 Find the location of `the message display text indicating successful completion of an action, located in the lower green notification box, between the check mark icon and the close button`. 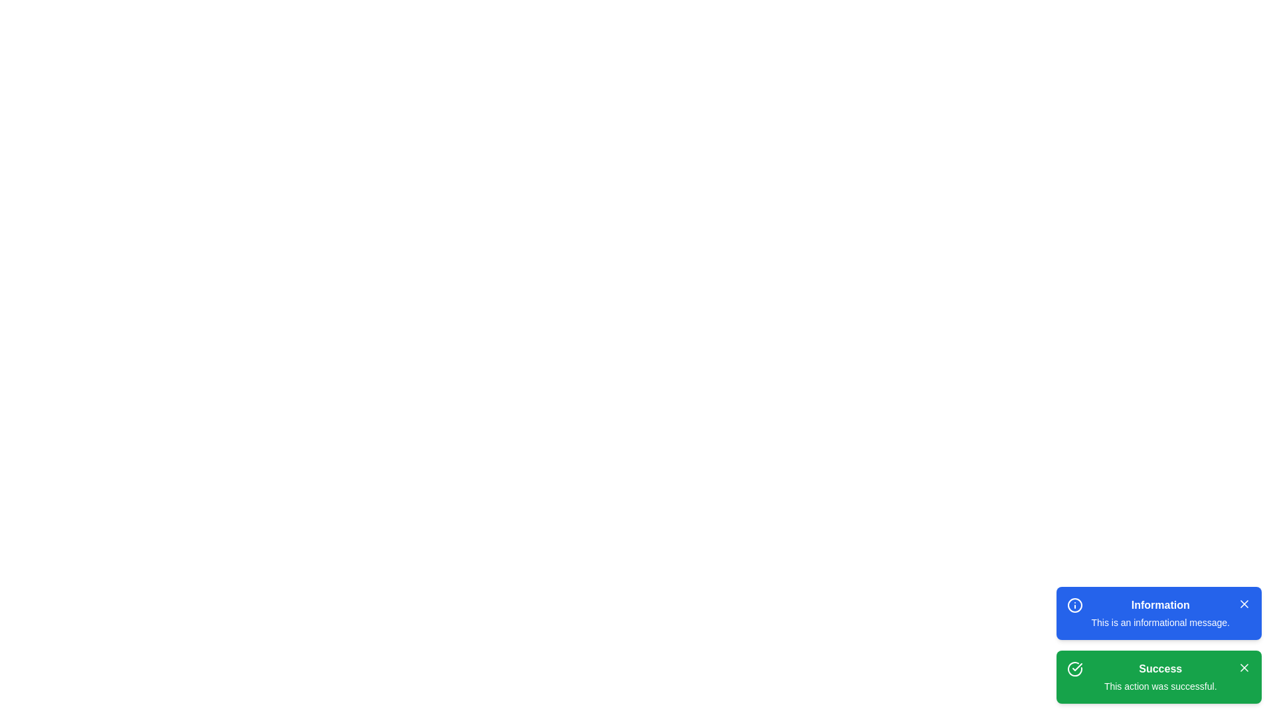

the message display text indicating successful completion of an action, located in the lower green notification box, between the check mark icon and the close button is located at coordinates (1159, 677).